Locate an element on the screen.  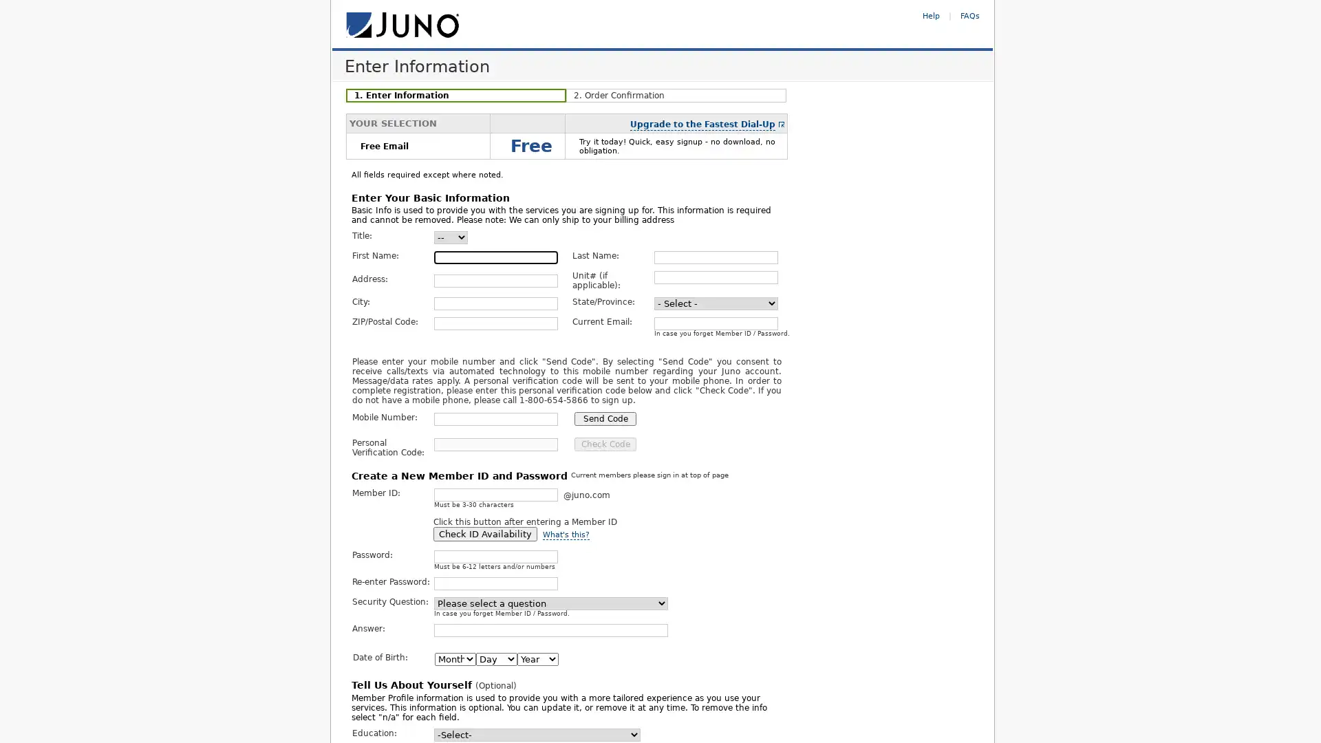
Check ID Availability is located at coordinates (485, 533).